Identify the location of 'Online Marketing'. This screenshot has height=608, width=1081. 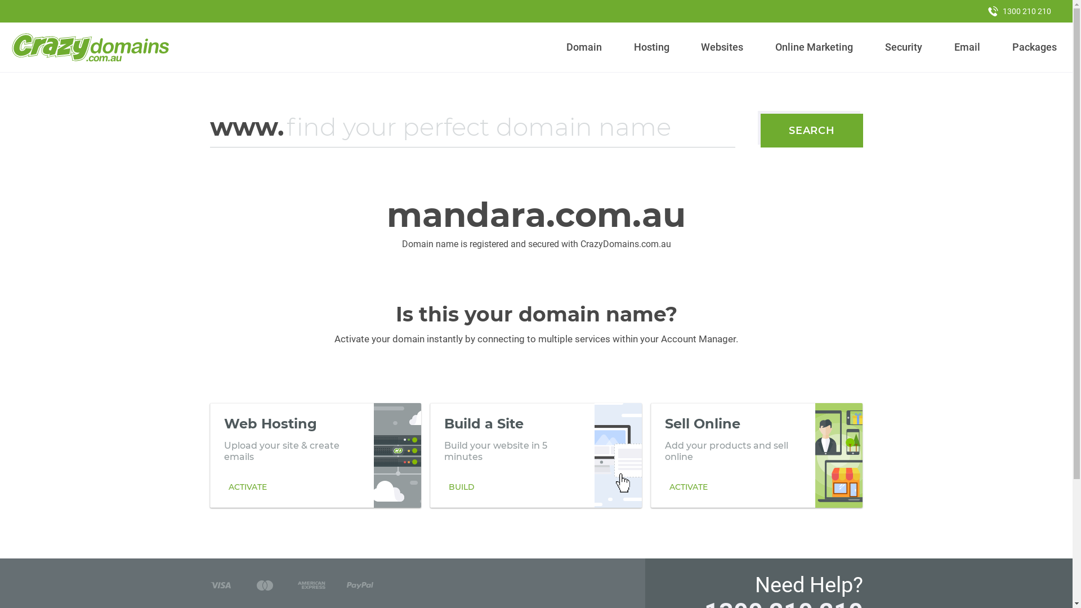
(814, 47).